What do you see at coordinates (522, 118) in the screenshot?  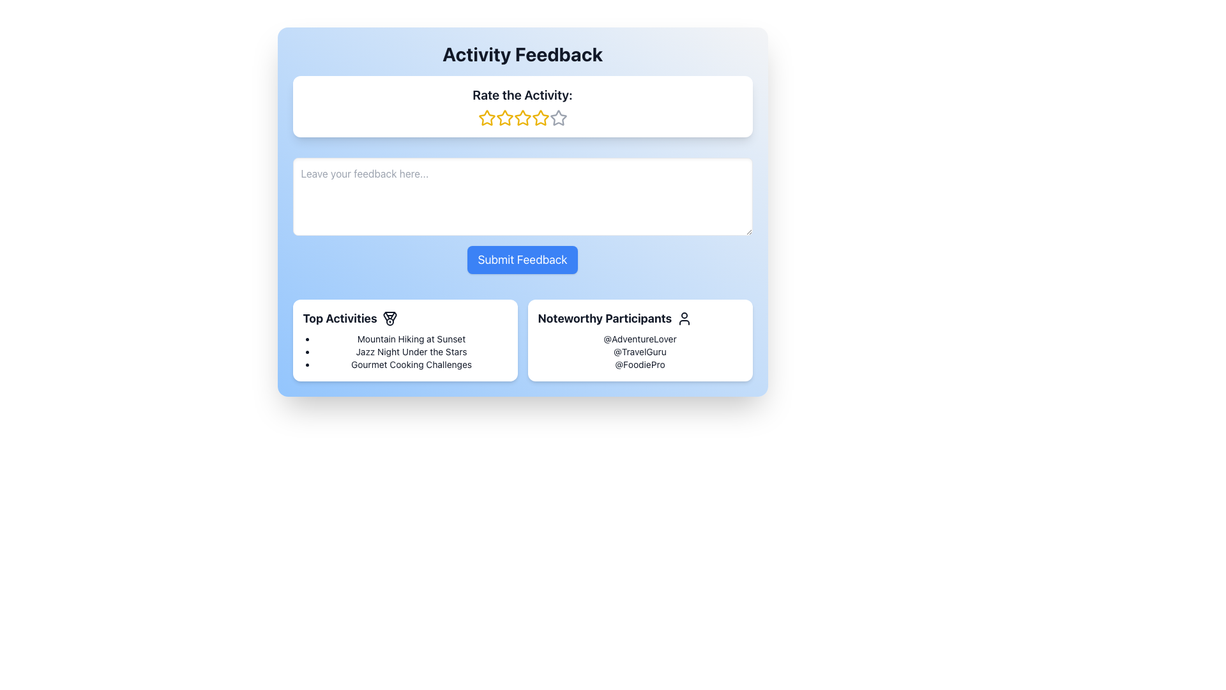 I see `the fourth rating star in the 'Rate the Activity' section` at bounding box center [522, 118].